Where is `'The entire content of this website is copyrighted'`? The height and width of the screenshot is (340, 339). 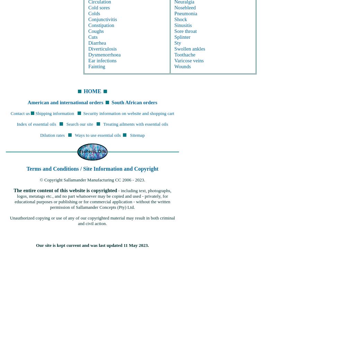 'The entire content of this website is copyrighted' is located at coordinates (65, 190).